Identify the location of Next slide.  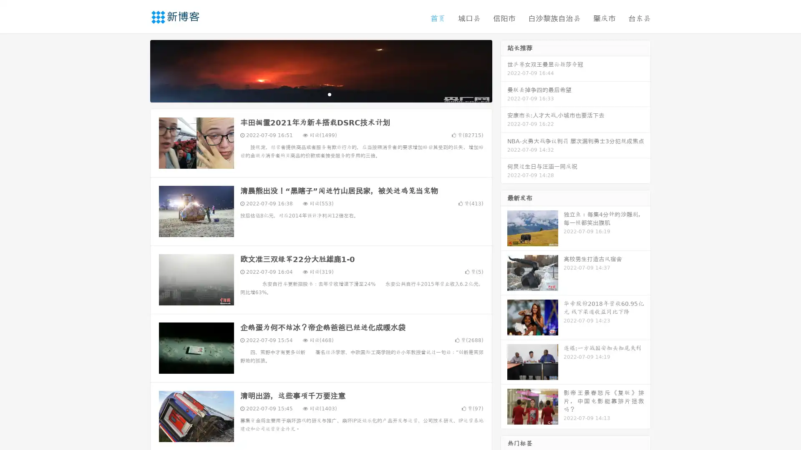
(504, 70).